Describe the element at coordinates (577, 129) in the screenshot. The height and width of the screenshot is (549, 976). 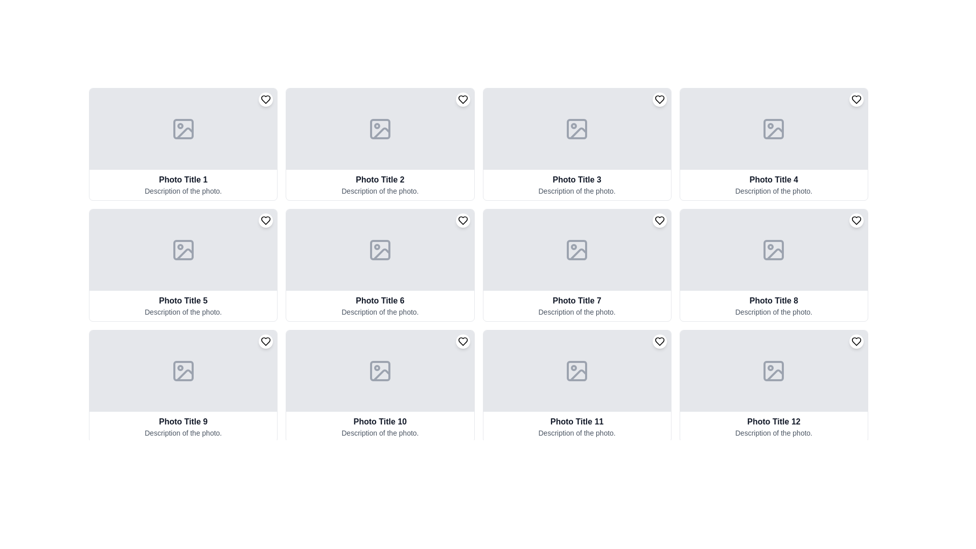
I see `the grey square icon representing an image placeholder located in the third card of the first row within the grid layout` at that location.